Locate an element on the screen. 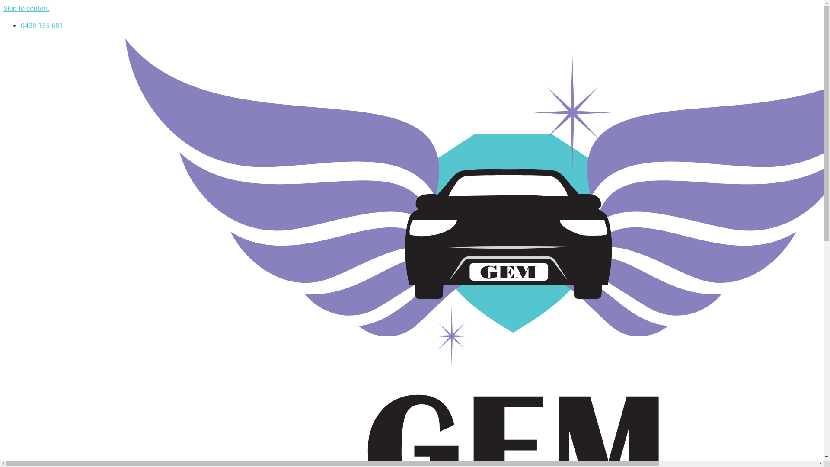 The width and height of the screenshot is (830, 467). 'Skip to content' is located at coordinates (26, 8).